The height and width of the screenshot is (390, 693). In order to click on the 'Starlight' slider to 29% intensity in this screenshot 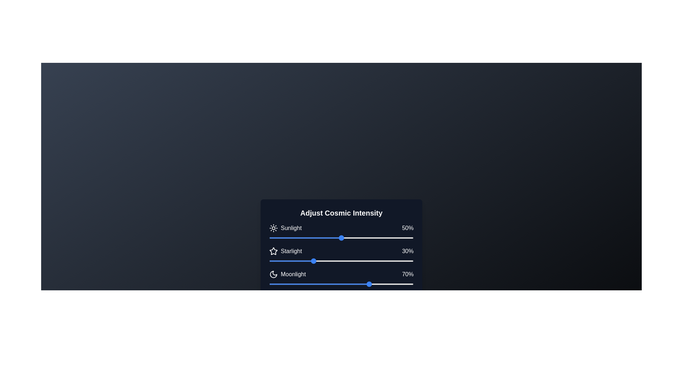, I will do `click(311, 261)`.